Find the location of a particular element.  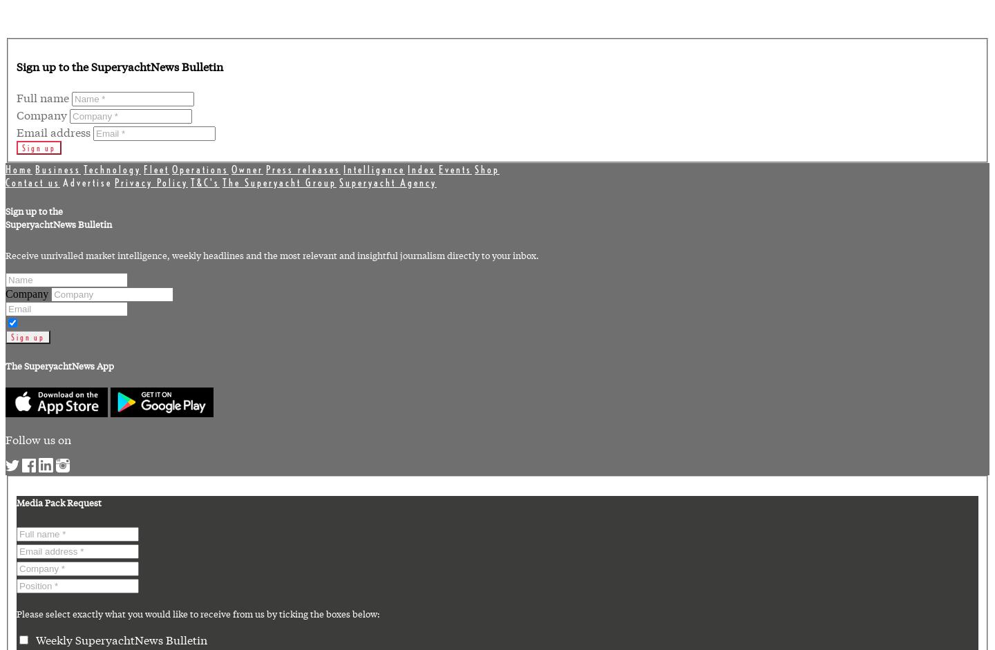

'Advertise' is located at coordinates (86, 182).